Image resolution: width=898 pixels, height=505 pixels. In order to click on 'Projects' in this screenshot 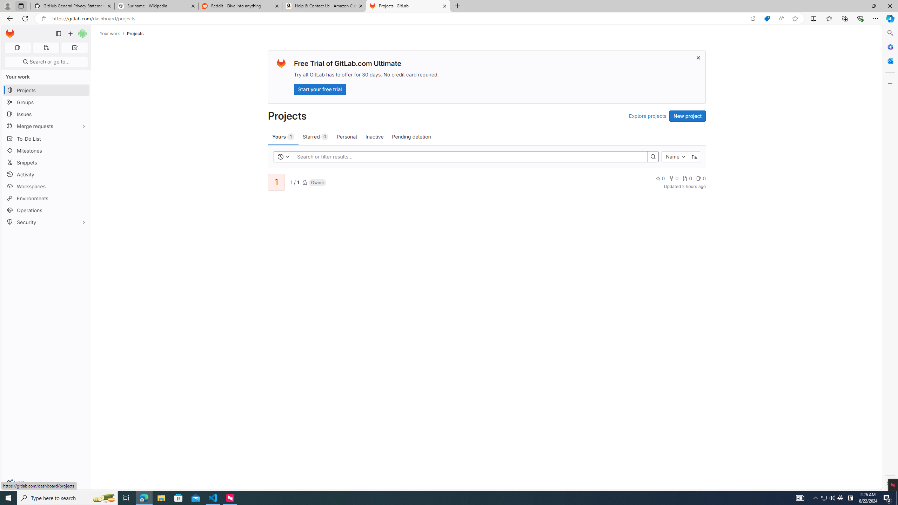, I will do `click(135, 33)`.